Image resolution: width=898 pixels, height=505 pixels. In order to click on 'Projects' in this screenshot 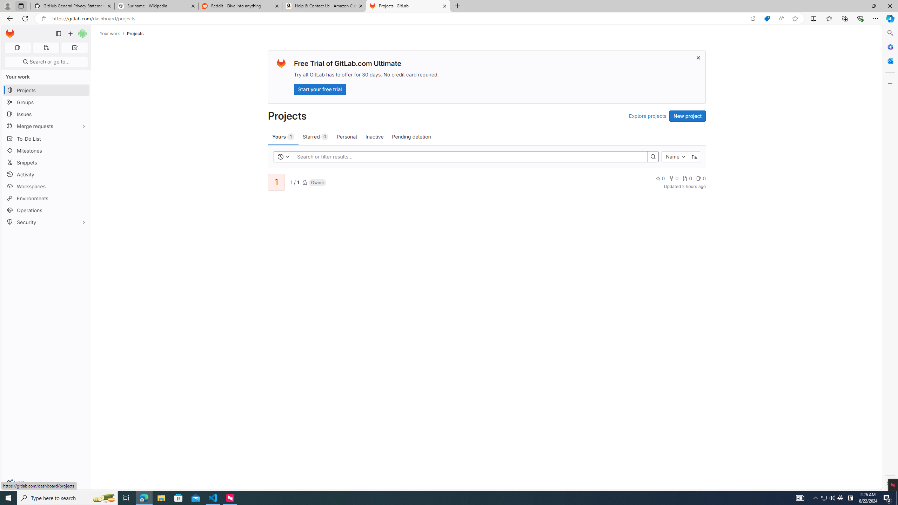, I will do `click(135, 33)`.